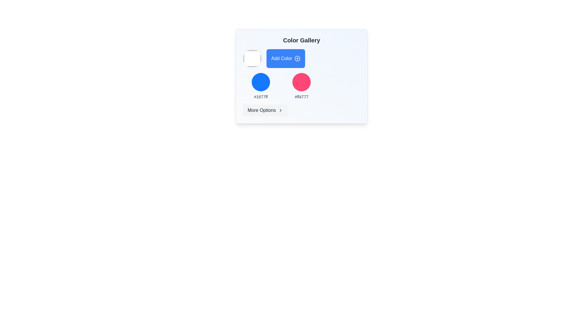 This screenshot has width=566, height=318. What do you see at coordinates (286, 59) in the screenshot?
I see `the 'Add Color' button, which is a rectangular button with rounded corners, blue background, white text, and a plus icon on the right side, to observe its hover effect` at bounding box center [286, 59].